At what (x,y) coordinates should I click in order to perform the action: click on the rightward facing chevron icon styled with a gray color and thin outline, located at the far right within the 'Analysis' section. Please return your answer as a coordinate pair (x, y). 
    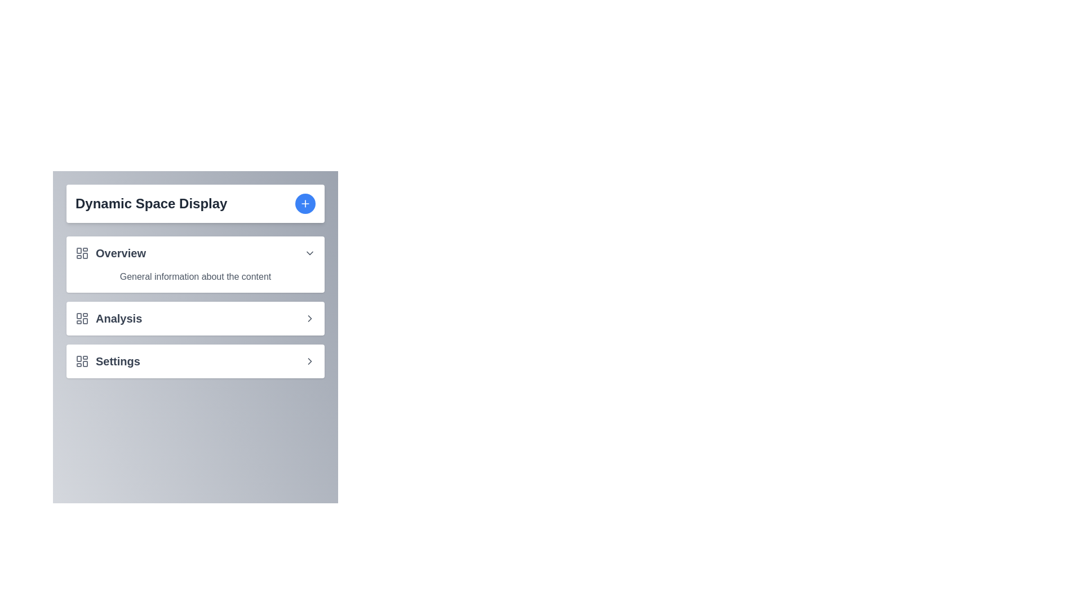
    Looking at the image, I should click on (310, 319).